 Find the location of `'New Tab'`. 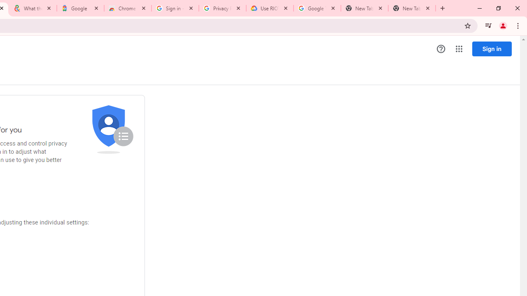

'New Tab' is located at coordinates (412, 8).